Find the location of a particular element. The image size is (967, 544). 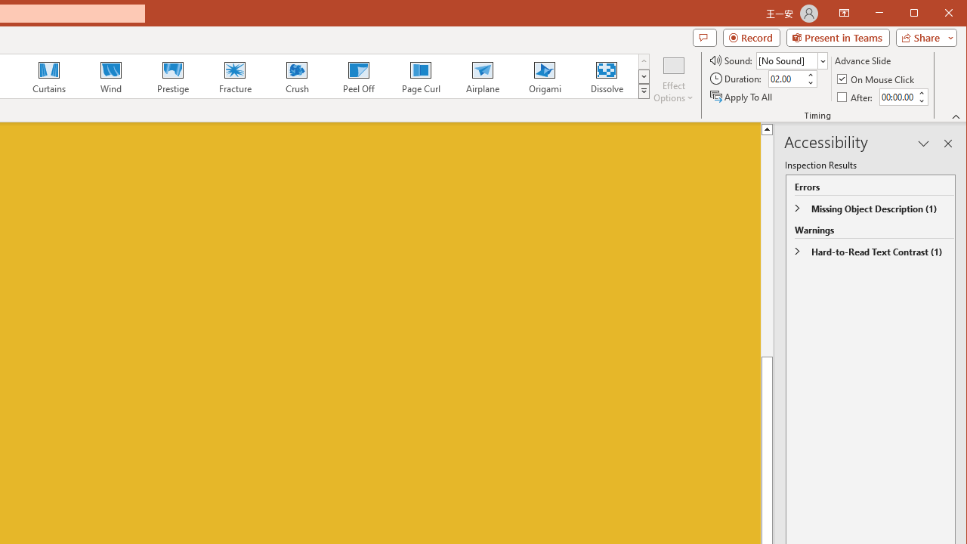

'Sound' is located at coordinates (791, 60).